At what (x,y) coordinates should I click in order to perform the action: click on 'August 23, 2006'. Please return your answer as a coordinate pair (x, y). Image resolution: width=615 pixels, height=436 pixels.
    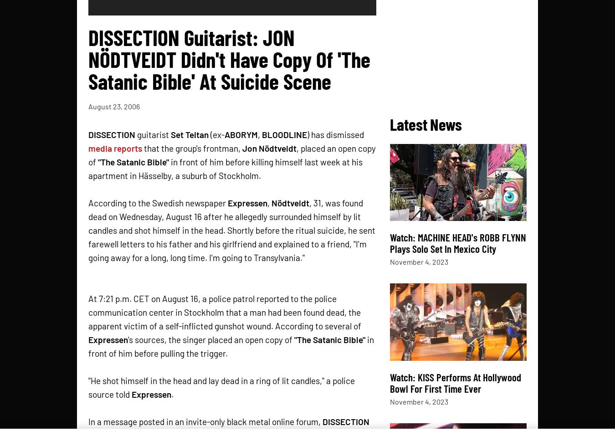
    Looking at the image, I should click on (88, 105).